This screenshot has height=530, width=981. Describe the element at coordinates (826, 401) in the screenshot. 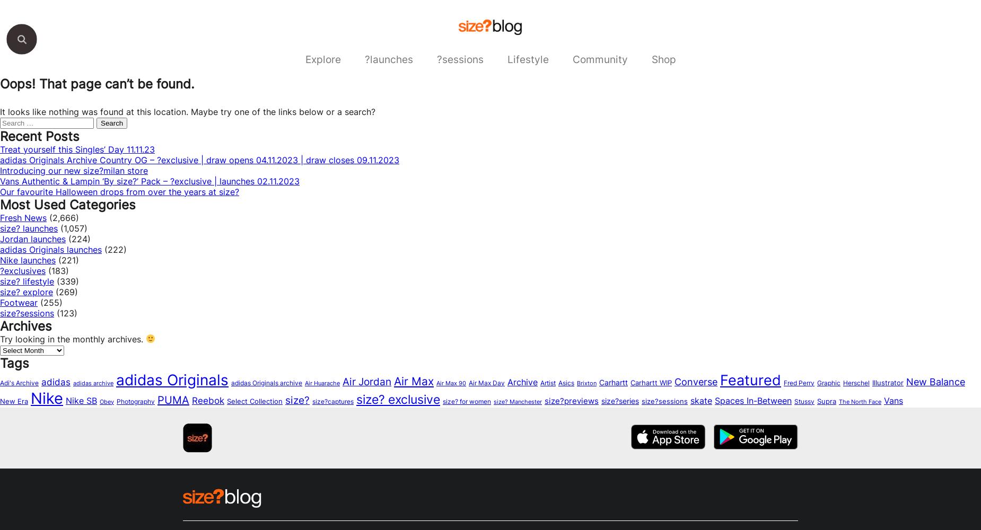

I see `'Supra'` at that location.